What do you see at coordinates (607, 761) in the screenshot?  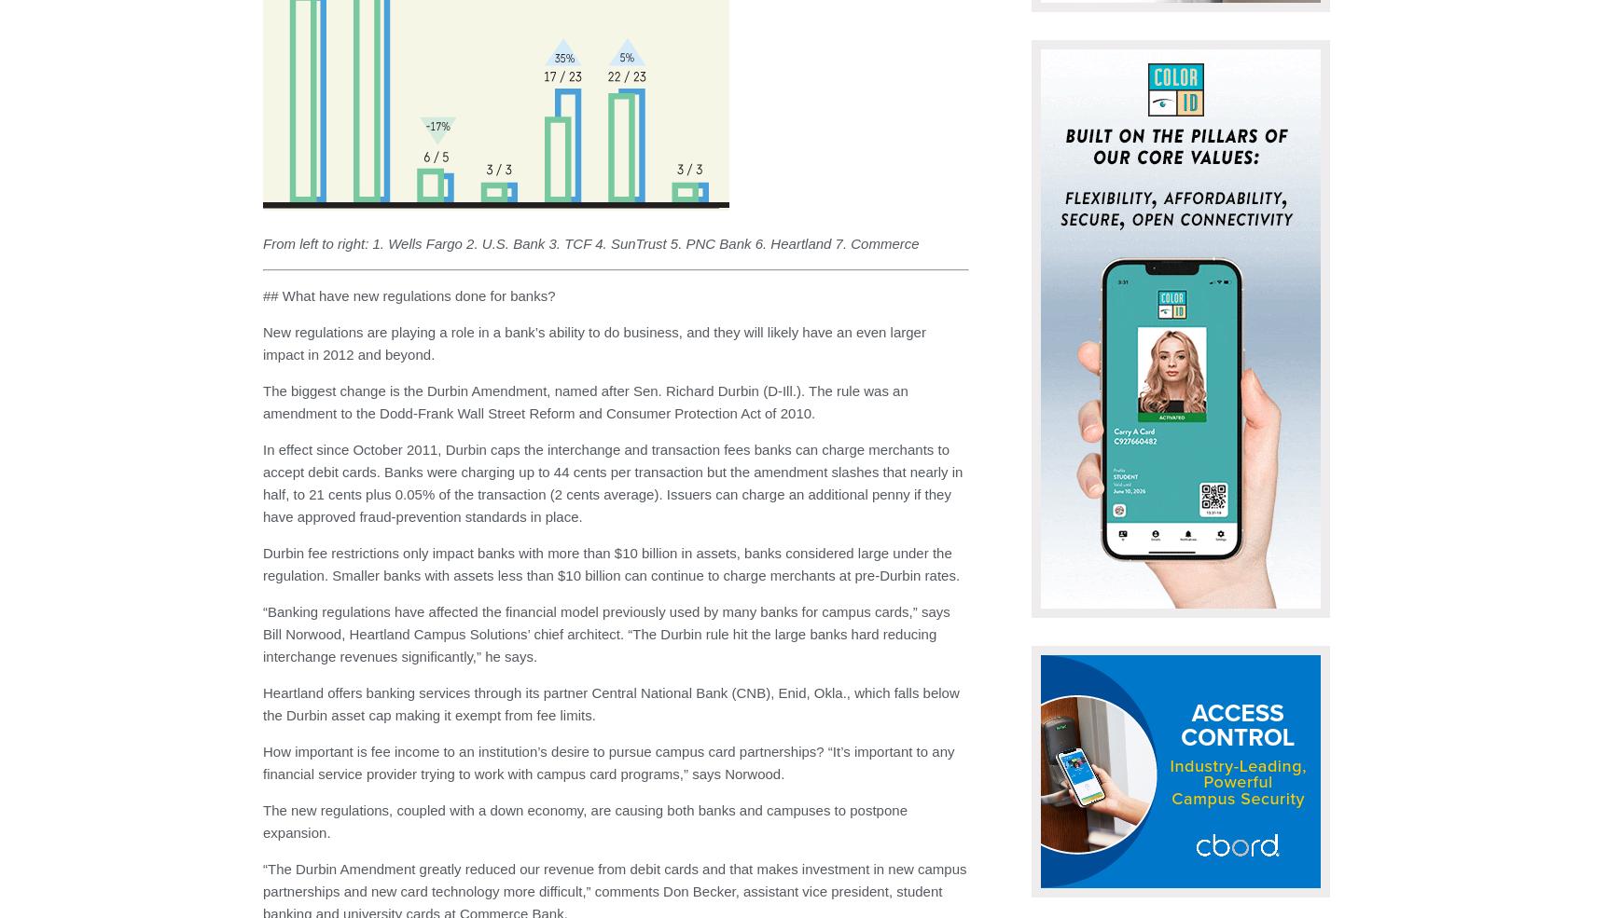 I see `'How important is fee income to an institution’s desire to pursue campus card partnerships? “It’s important to any financial service provider trying to work with campus card programs,” says Norwood.'` at bounding box center [607, 761].